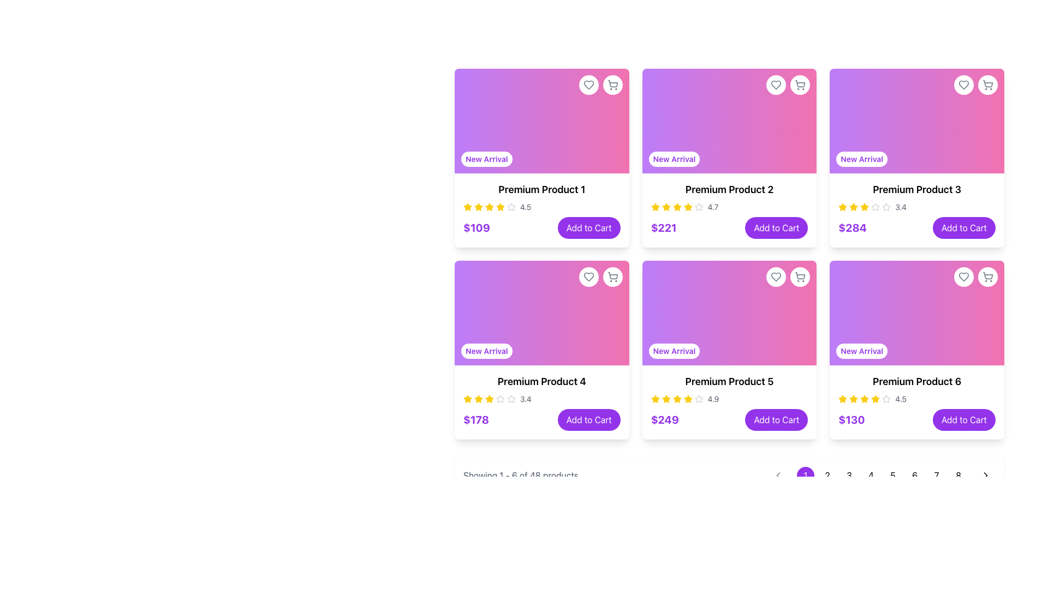 The height and width of the screenshot is (589, 1048). Describe the element at coordinates (964, 277) in the screenshot. I see `the 'add to favorites' button located at the top-right corner of the 'Premium Product 6' card, which is the first button to the left of the shopping cart icon` at that location.